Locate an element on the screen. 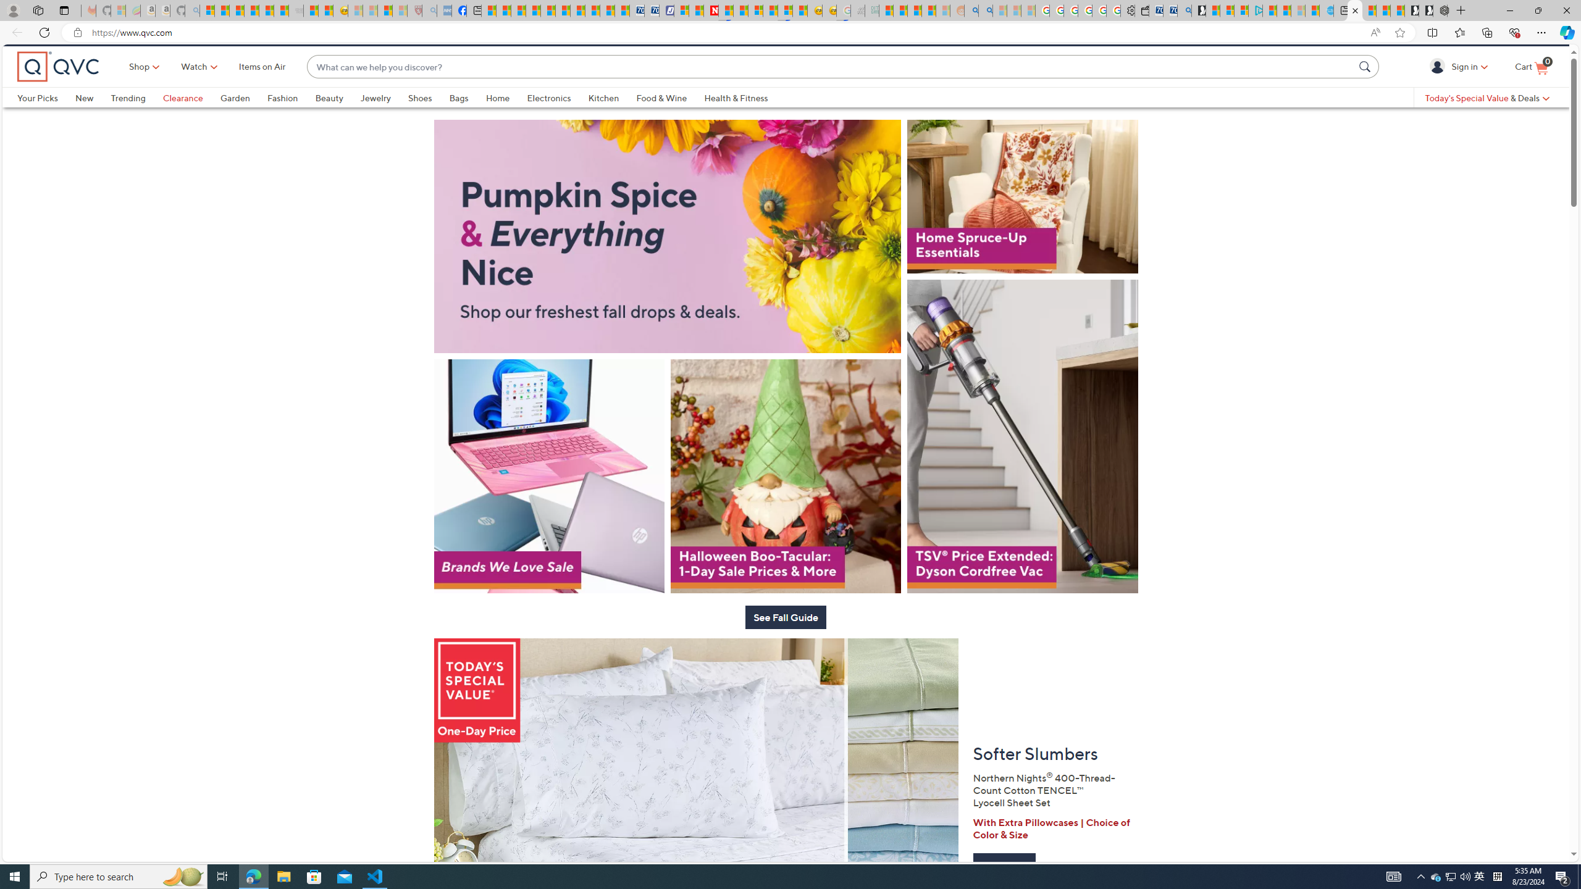 Image resolution: width=1581 pixels, height=889 pixels. 'Home Spruce-Up Essentials' is located at coordinates (1022, 234).